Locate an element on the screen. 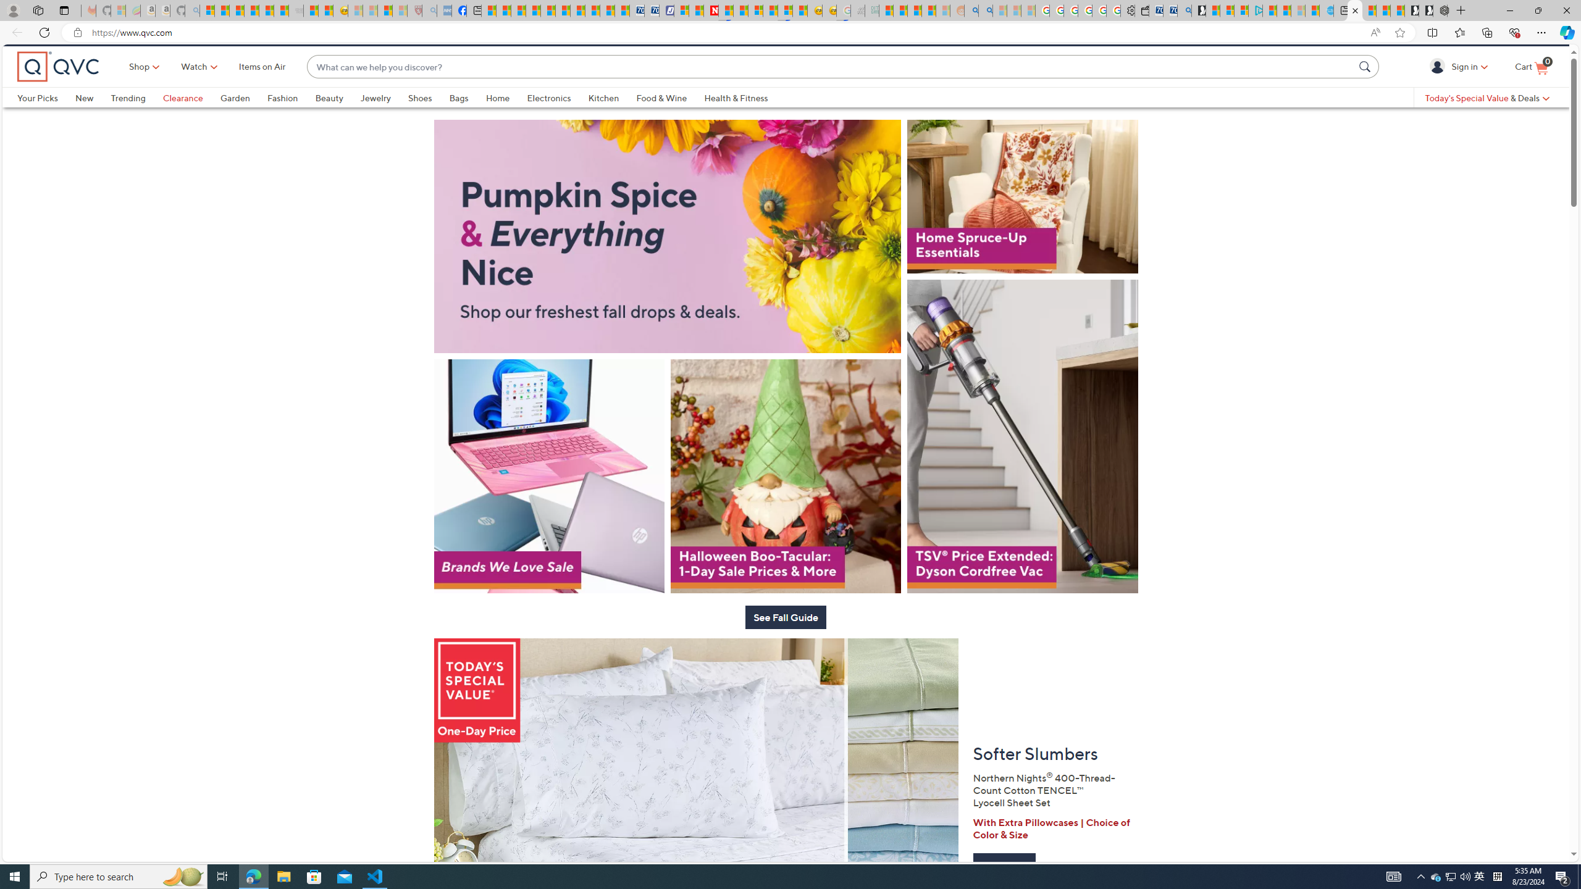 Image resolution: width=1581 pixels, height=889 pixels. 'Home Spruce-Up Essentials' is located at coordinates (1022, 234).